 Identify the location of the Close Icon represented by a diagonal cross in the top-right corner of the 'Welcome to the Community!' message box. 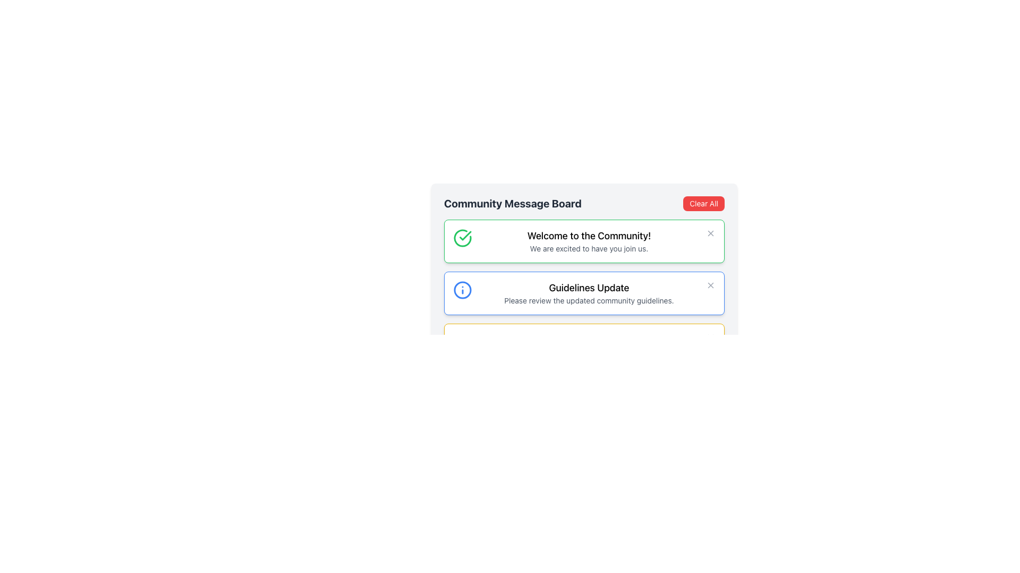
(711, 232).